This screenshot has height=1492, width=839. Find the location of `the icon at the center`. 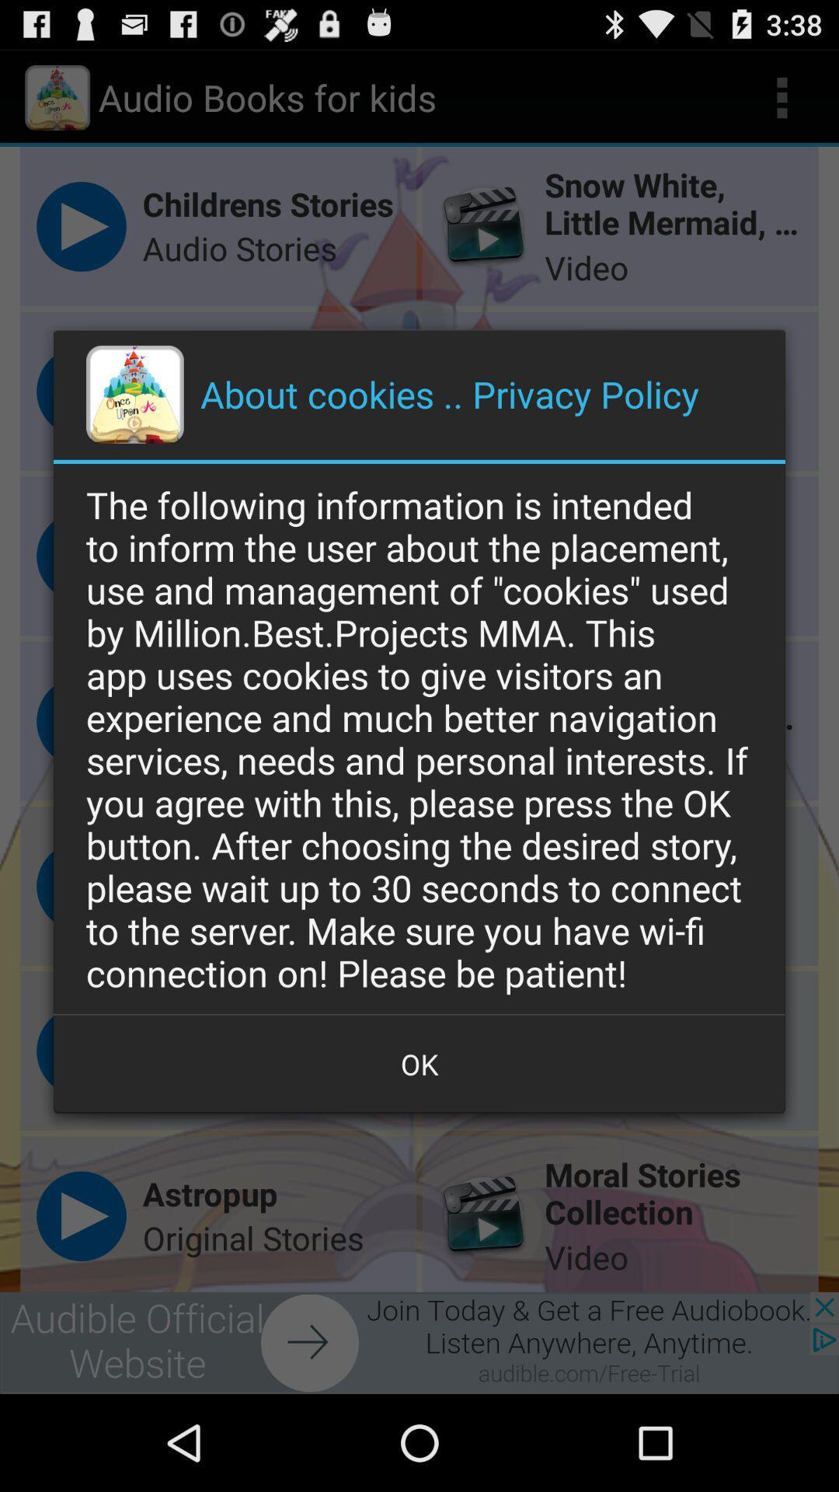

the icon at the center is located at coordinates (419, 737).